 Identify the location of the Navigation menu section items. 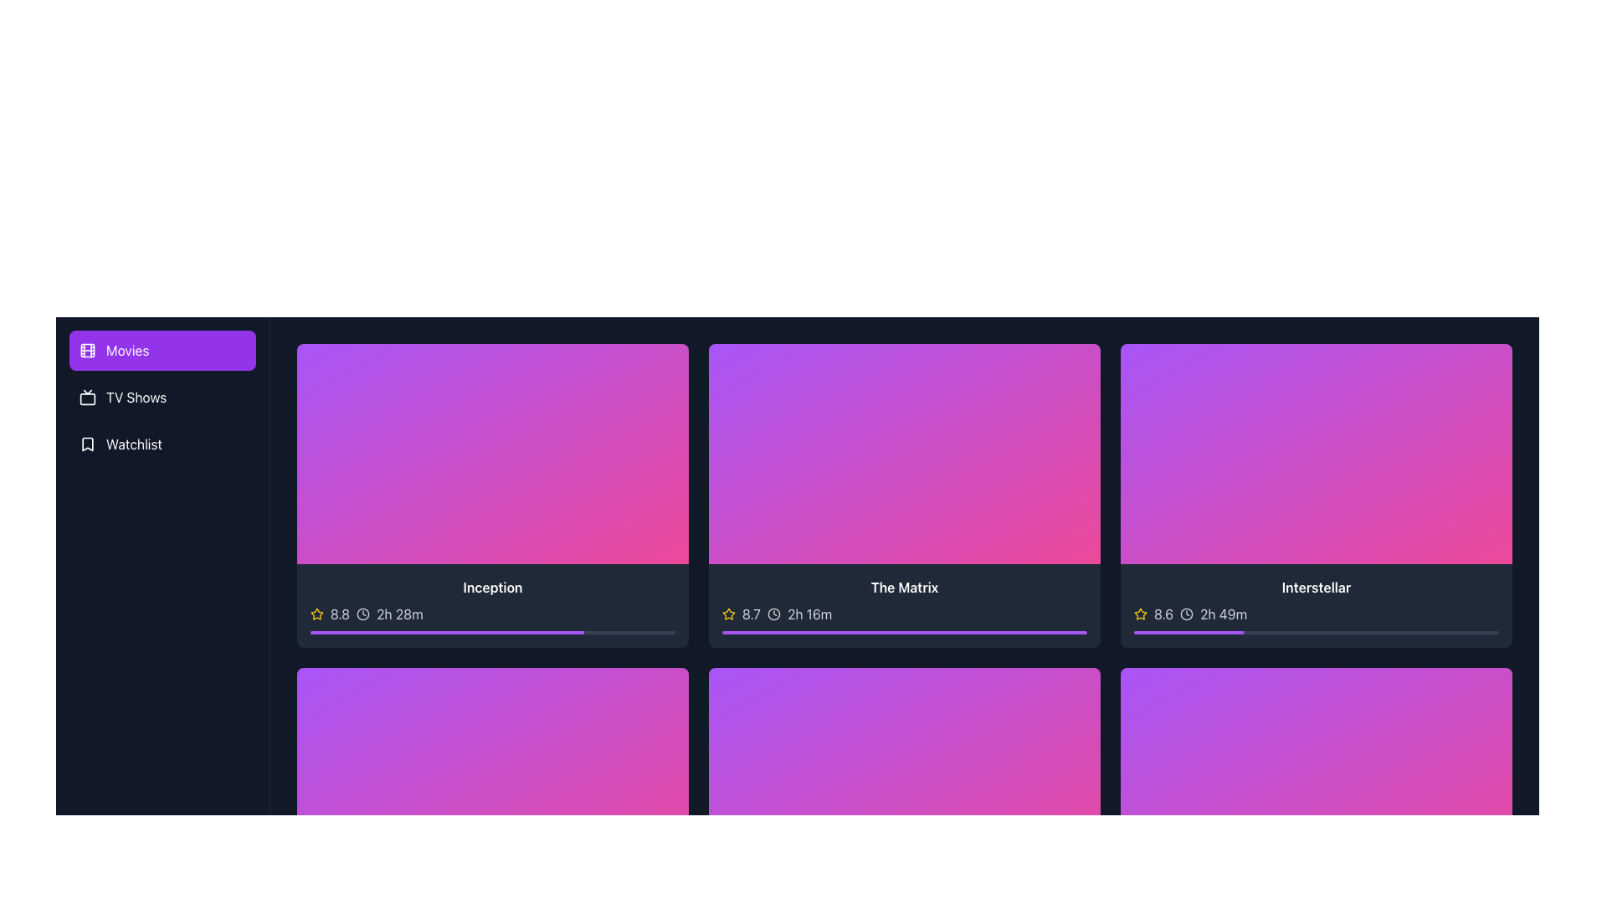
(162, 397).